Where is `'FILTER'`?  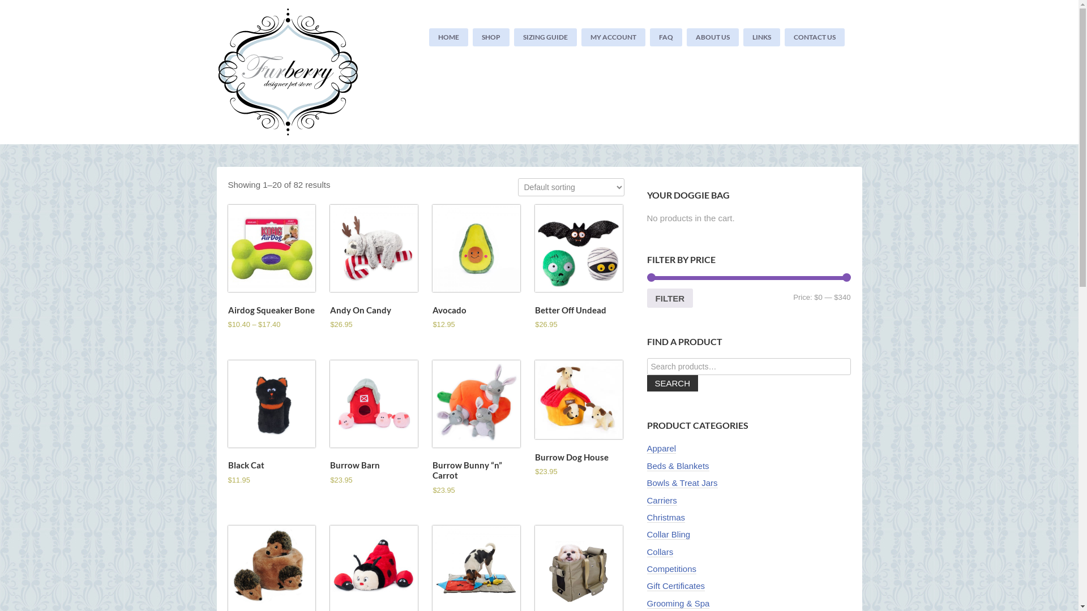 'FILTER' is located at coordinates (669, 298).